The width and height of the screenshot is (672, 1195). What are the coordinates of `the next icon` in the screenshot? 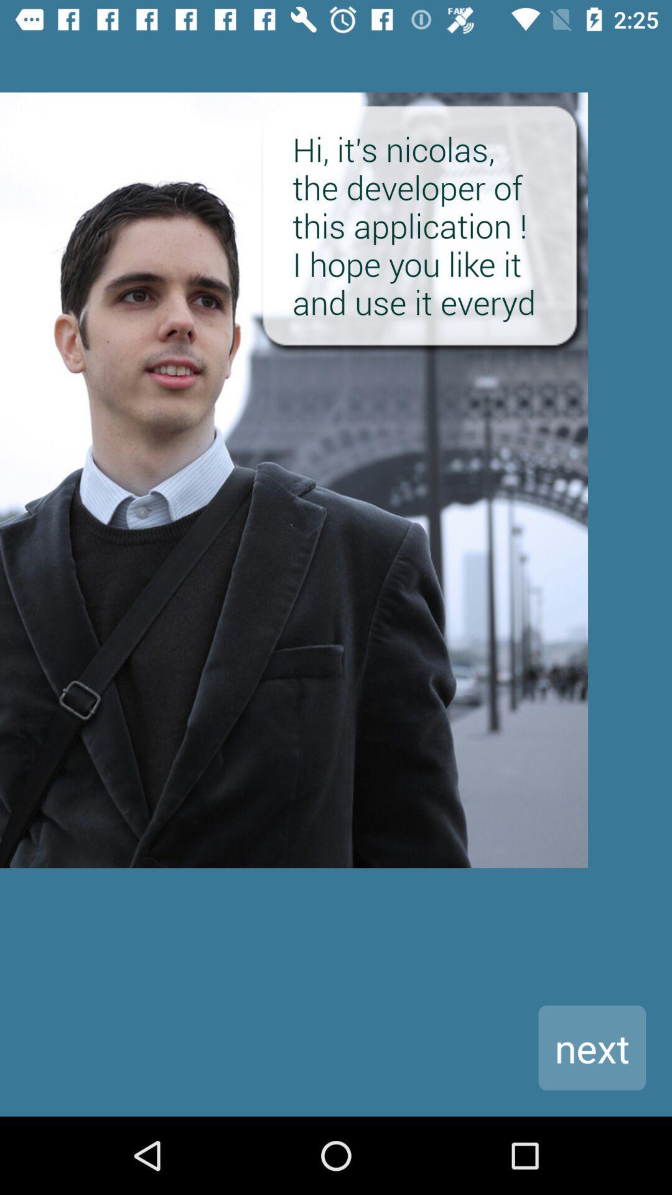 It's located at (591, 1047).